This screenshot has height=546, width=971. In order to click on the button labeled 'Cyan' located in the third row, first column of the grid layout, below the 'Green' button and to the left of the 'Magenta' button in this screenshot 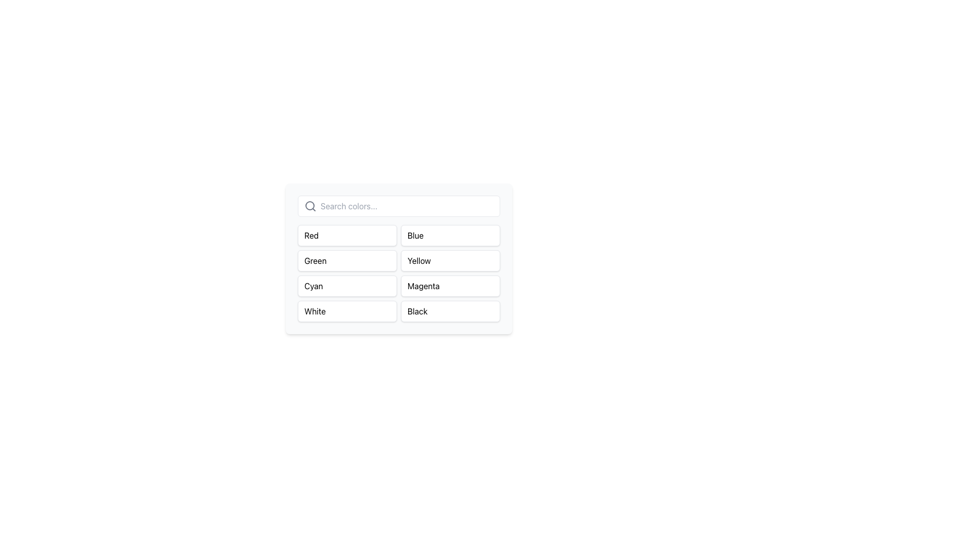, I will do `click(347, 286)`.